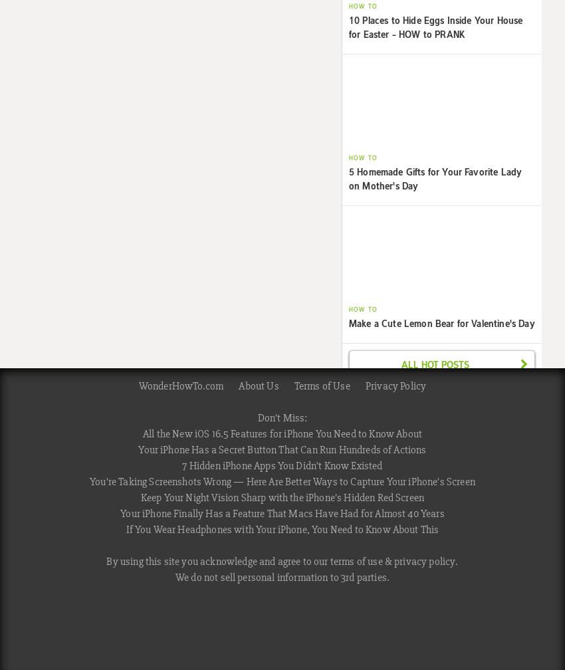  I want to click on 'Privacy Policy', so click(395, 386).